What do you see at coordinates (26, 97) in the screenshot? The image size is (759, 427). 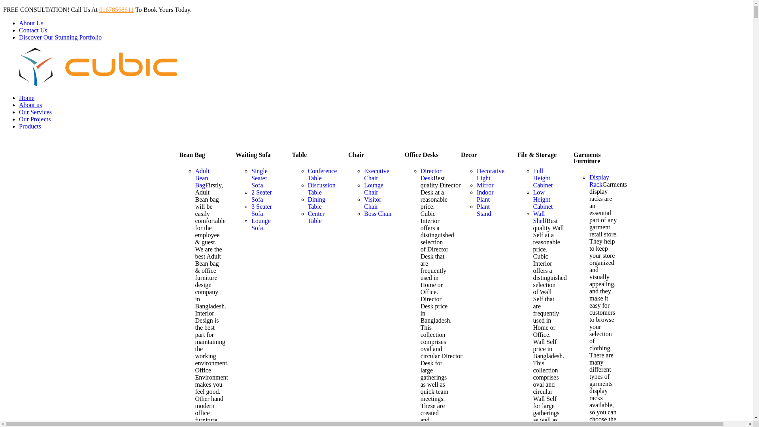 I see `'Home'` at bounding box center [26, 97].